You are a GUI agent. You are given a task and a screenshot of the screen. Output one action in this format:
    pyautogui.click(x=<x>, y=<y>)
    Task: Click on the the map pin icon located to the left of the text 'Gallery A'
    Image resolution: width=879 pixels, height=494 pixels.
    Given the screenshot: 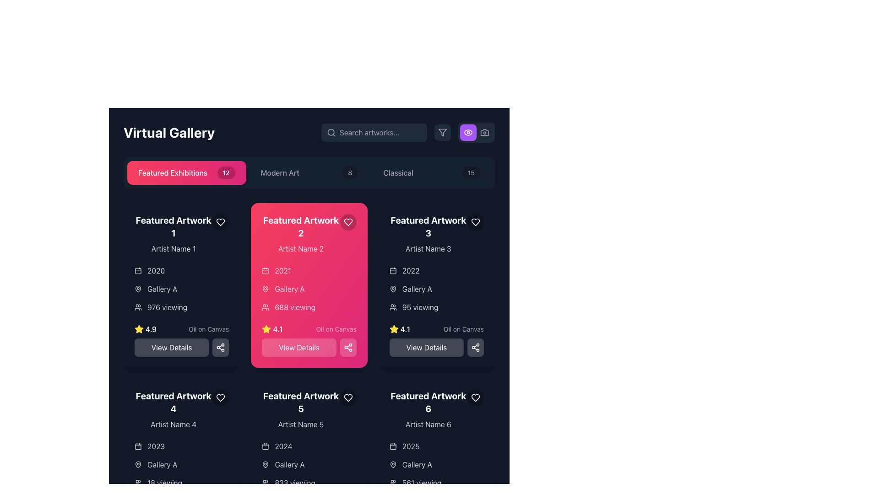 What is the action you would take?
    pyautogui.click(x=138, y=464)
    